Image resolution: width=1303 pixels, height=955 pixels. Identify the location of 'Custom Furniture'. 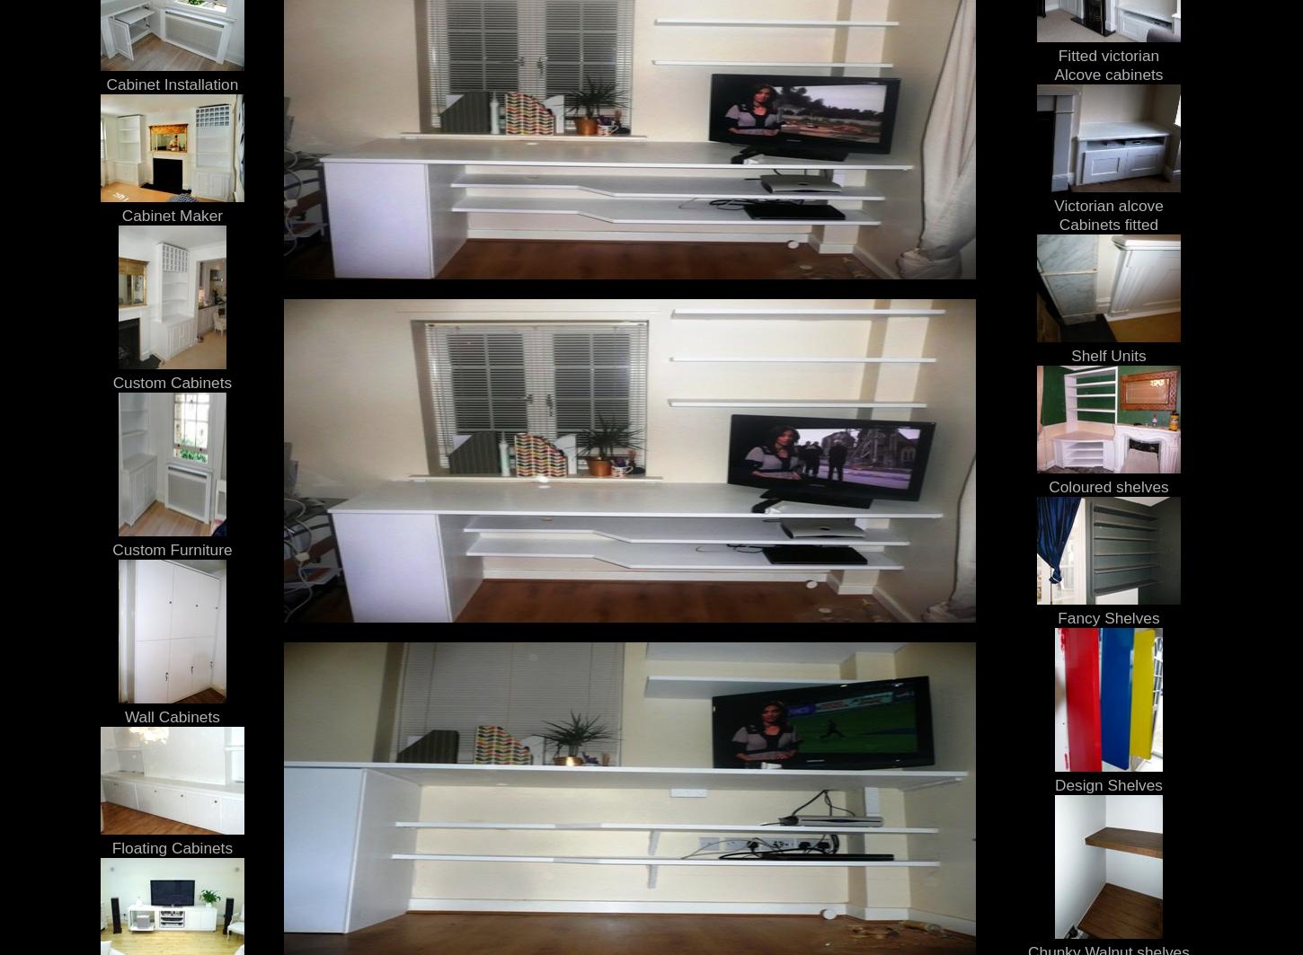
(171, 548).